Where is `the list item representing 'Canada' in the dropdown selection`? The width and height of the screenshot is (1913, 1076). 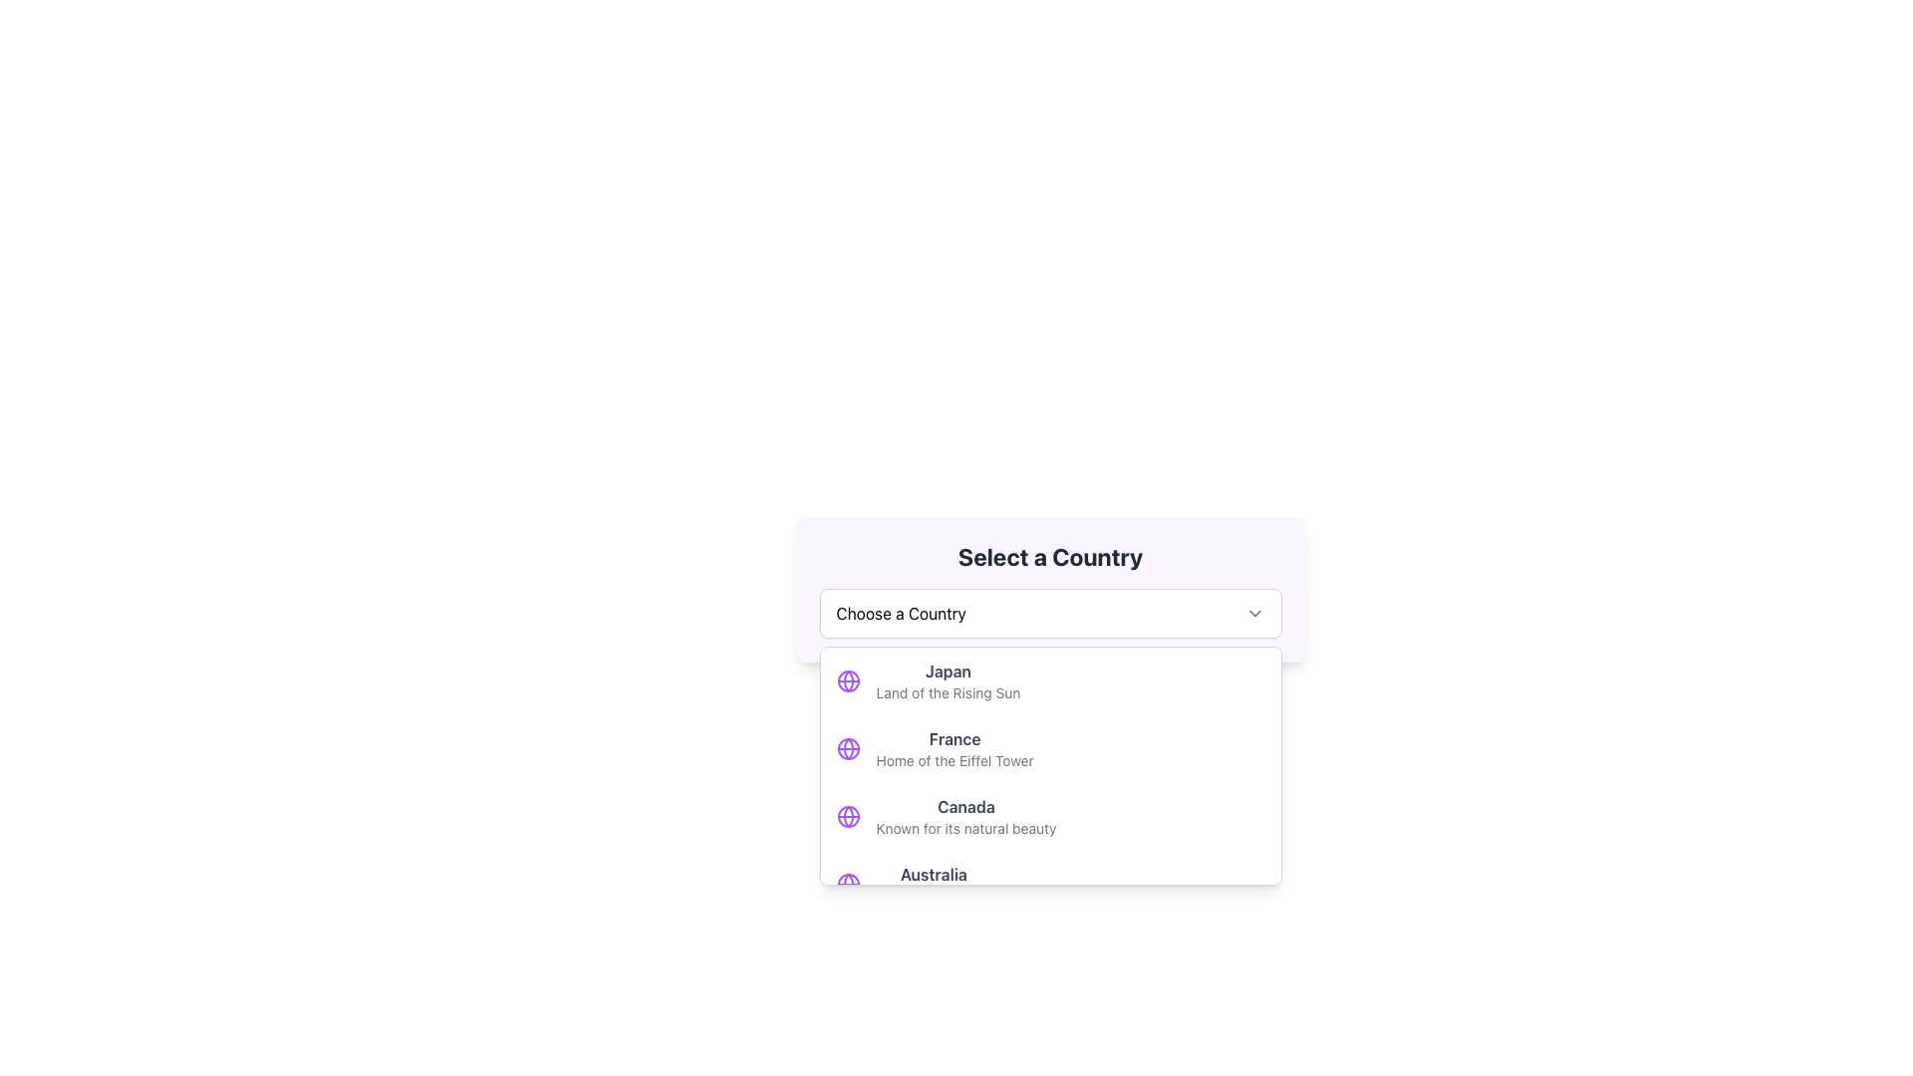
the list item representing 'Canada' in the dropdown selection is located at coordinates (965, 817).